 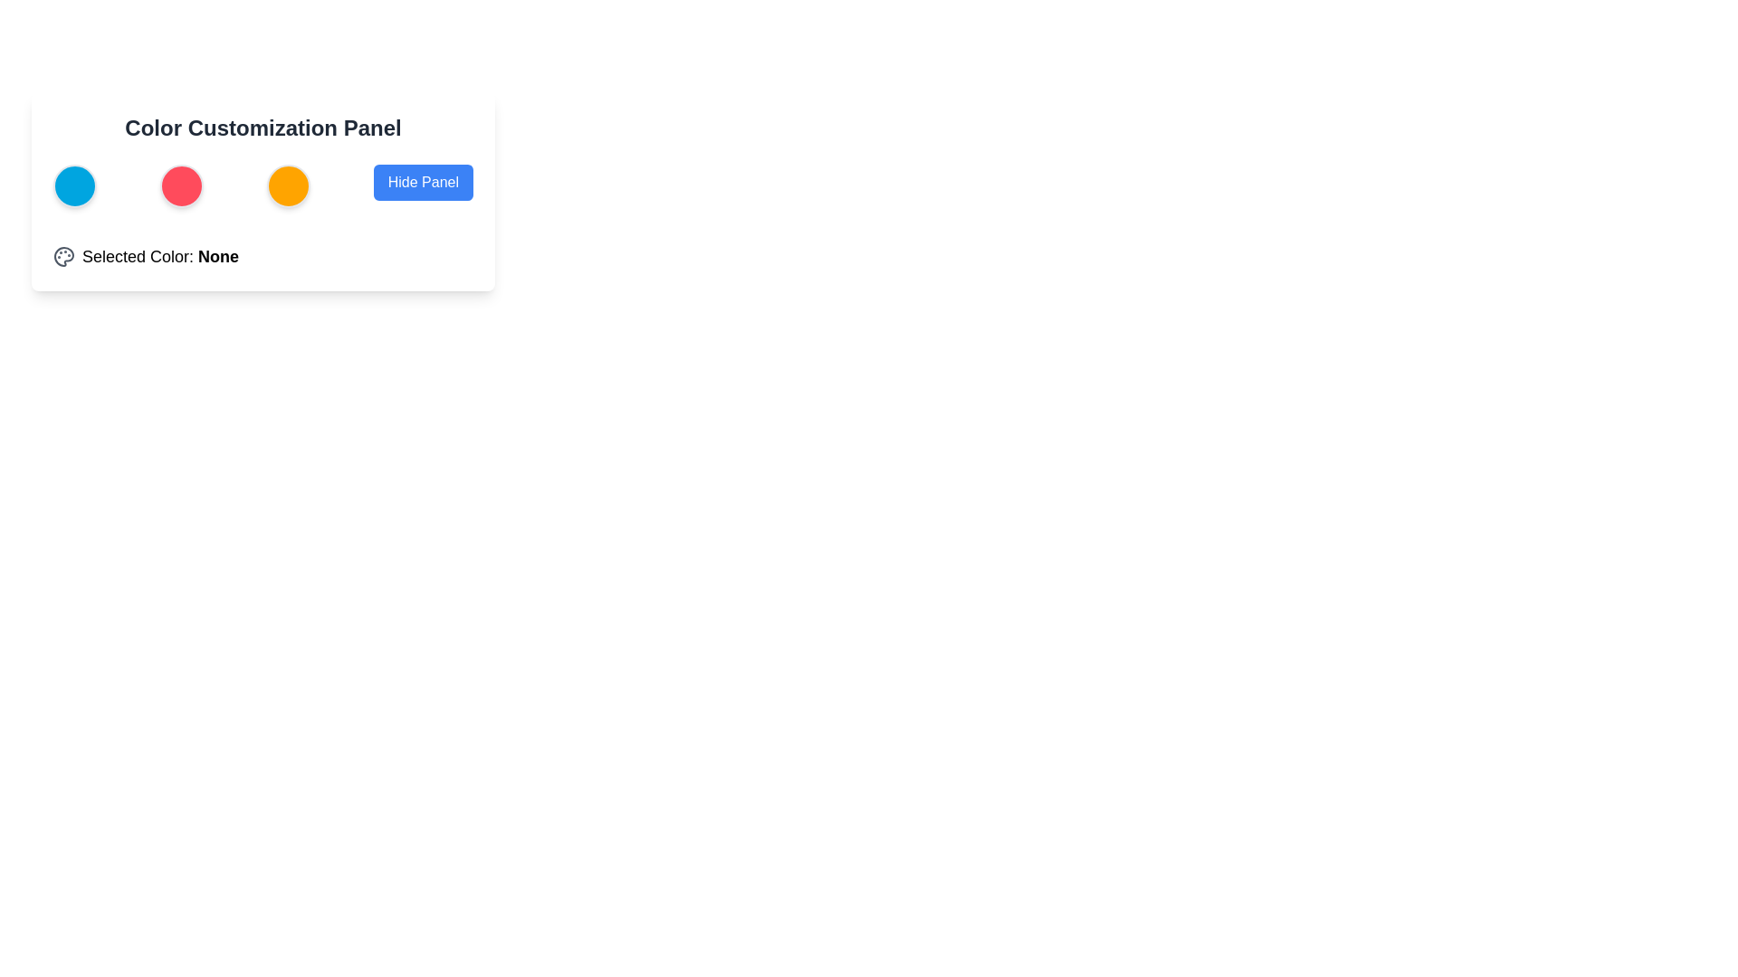 What do you see at coordinates (181, 185) in the screenshot?
I see `the circular red button located in the Color Customization Panel` at bounding box center [181, 185].